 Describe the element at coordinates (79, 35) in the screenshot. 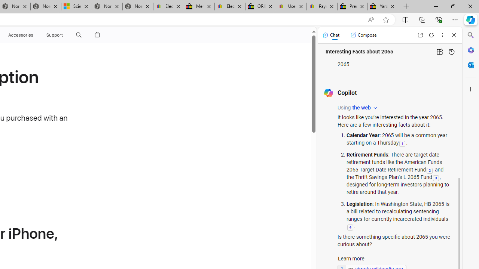

I see `'Class: globalnav-item globalnav-search shift-0-1'` at that location.